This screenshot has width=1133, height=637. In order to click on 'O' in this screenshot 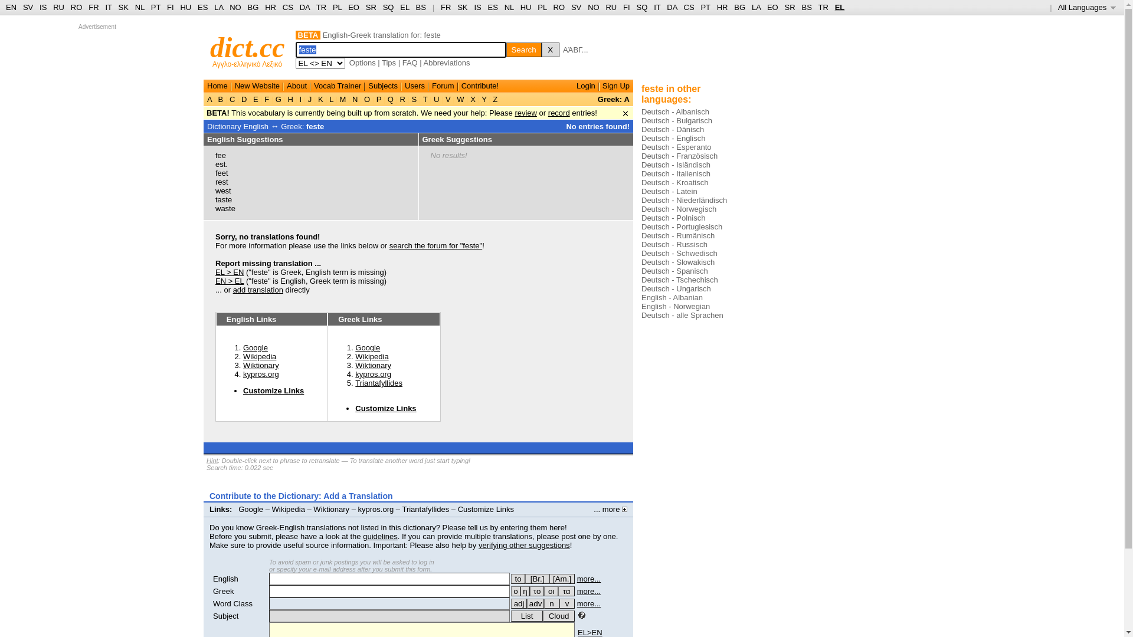, I will do `click(366, 98)`.